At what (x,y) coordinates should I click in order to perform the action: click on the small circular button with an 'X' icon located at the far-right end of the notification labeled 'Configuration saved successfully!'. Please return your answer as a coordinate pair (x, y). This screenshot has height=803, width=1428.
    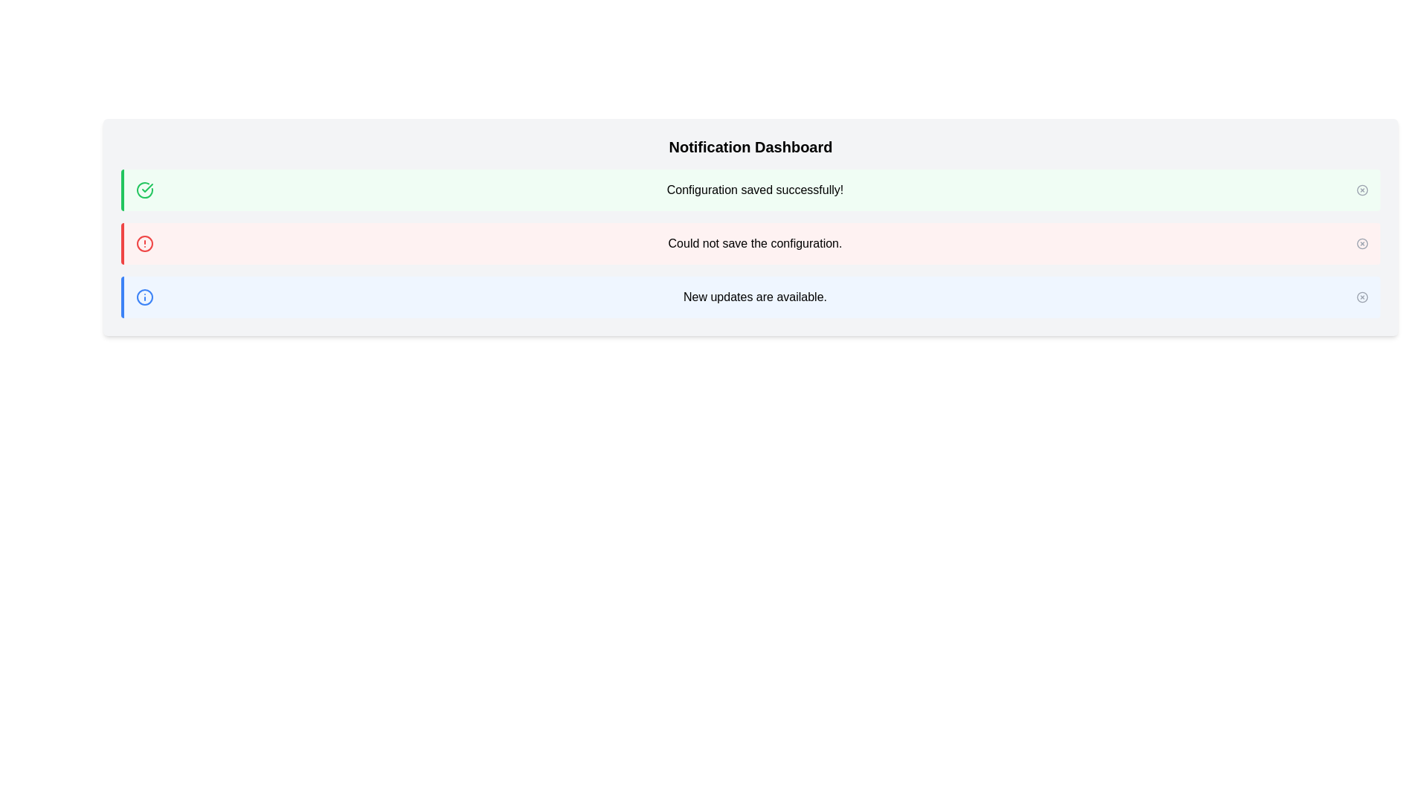
    Looking at the image, I should click on (1363, 189).